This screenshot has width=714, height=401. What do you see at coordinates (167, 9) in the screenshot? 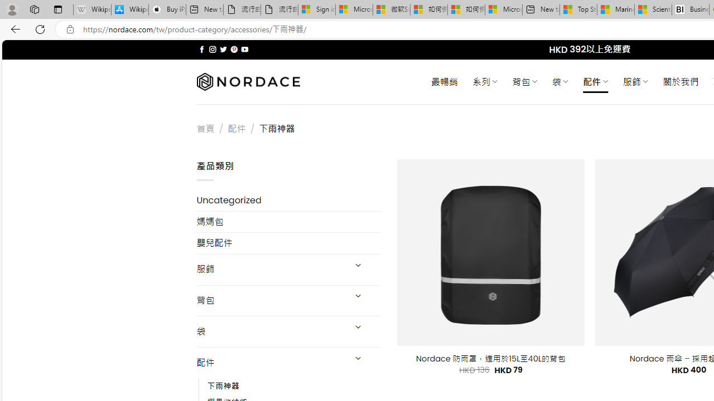
I see `'Buy iPad - Apple'` at bounding box center [167, 9].